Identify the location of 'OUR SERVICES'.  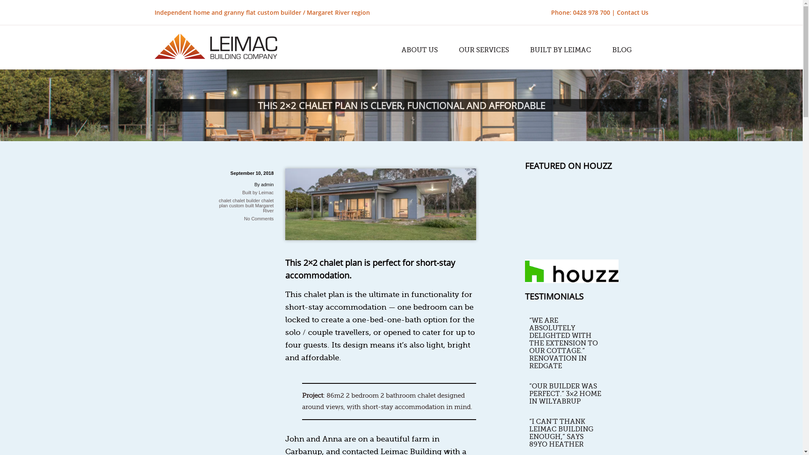
(483, 50).